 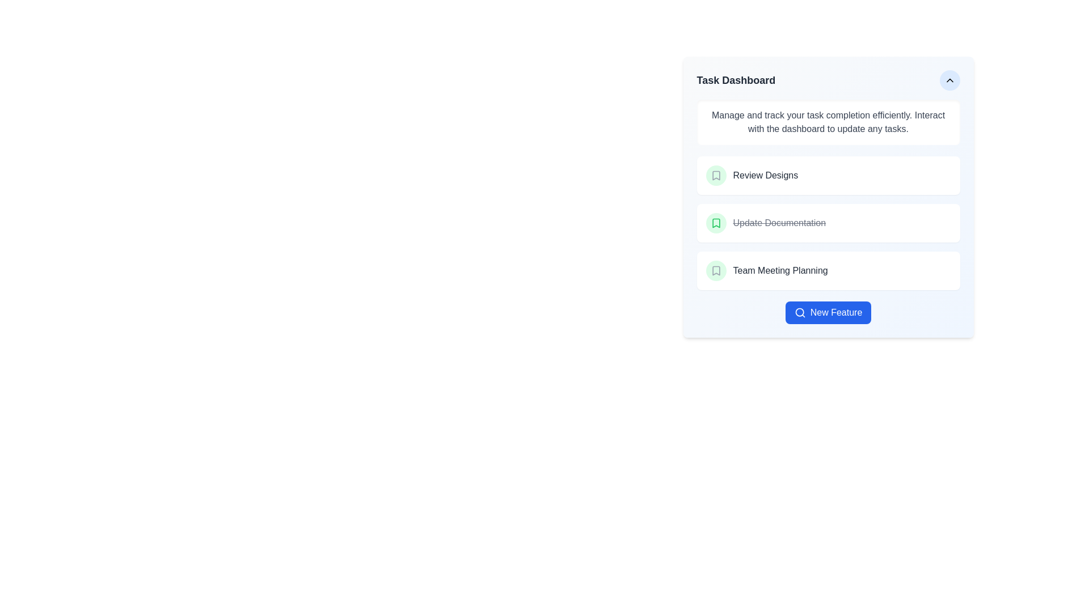 What do you see at coordinates (779, 223) in the screenshot?
I see `the completed task text label, which is visually indicated by a strikethrough style, located between 'Review Designs' and 'Team Meeting Planning' in the task overview list` at bounding box center [779, 223].